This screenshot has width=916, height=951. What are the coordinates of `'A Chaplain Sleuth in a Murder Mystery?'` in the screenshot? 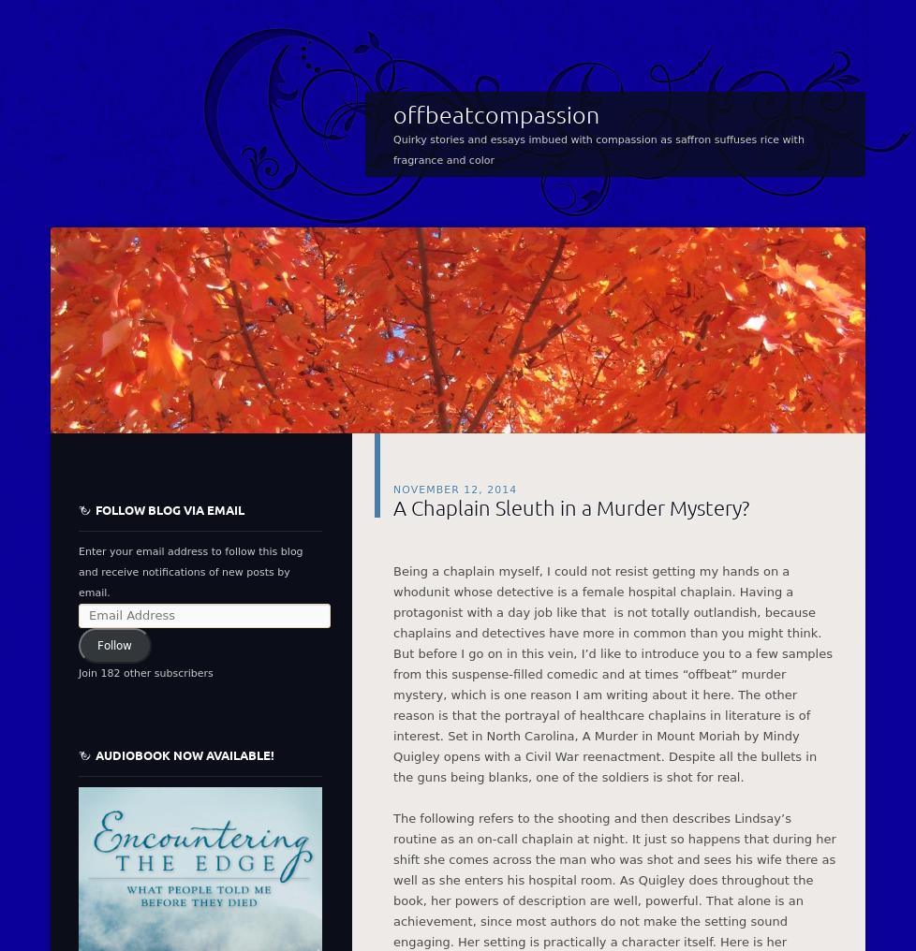 It's located at (570, 505).